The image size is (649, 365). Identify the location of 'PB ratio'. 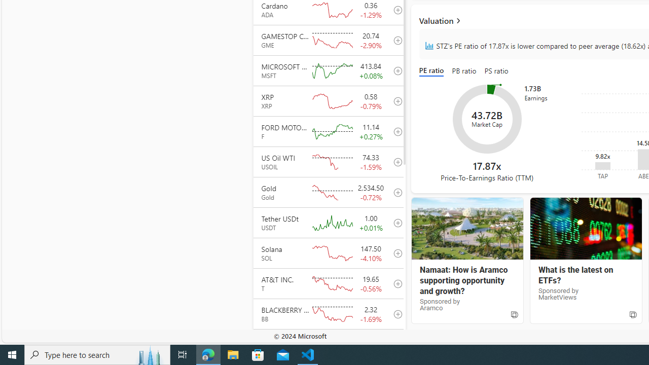
(463, 71).